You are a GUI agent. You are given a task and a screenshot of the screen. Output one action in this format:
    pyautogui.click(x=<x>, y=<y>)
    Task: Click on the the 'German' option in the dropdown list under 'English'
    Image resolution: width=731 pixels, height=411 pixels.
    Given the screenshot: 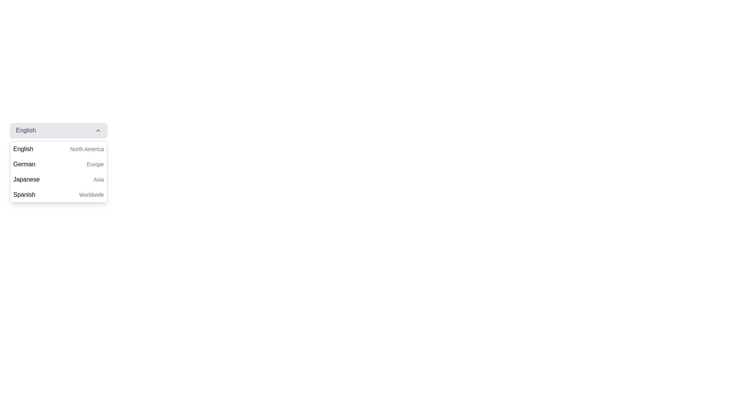 What is the action you would take?
    pyautogui.click(x=58, y=164)
    